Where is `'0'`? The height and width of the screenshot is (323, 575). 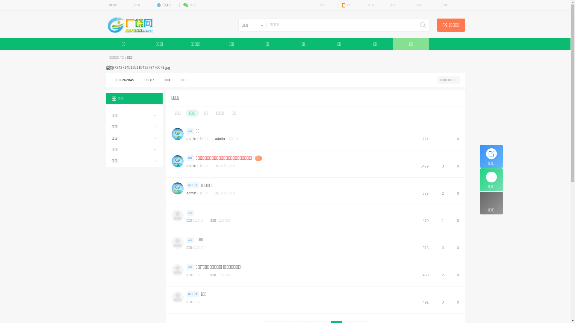 '0' is located at coordinates (455, 166).